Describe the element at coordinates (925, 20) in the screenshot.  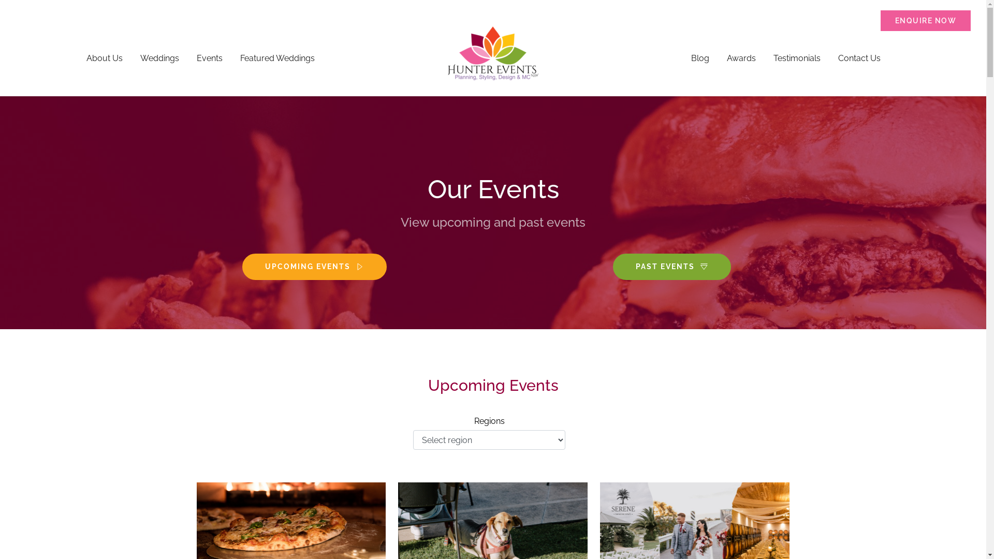
I see `'ENQUIRE NOW'` at that location.